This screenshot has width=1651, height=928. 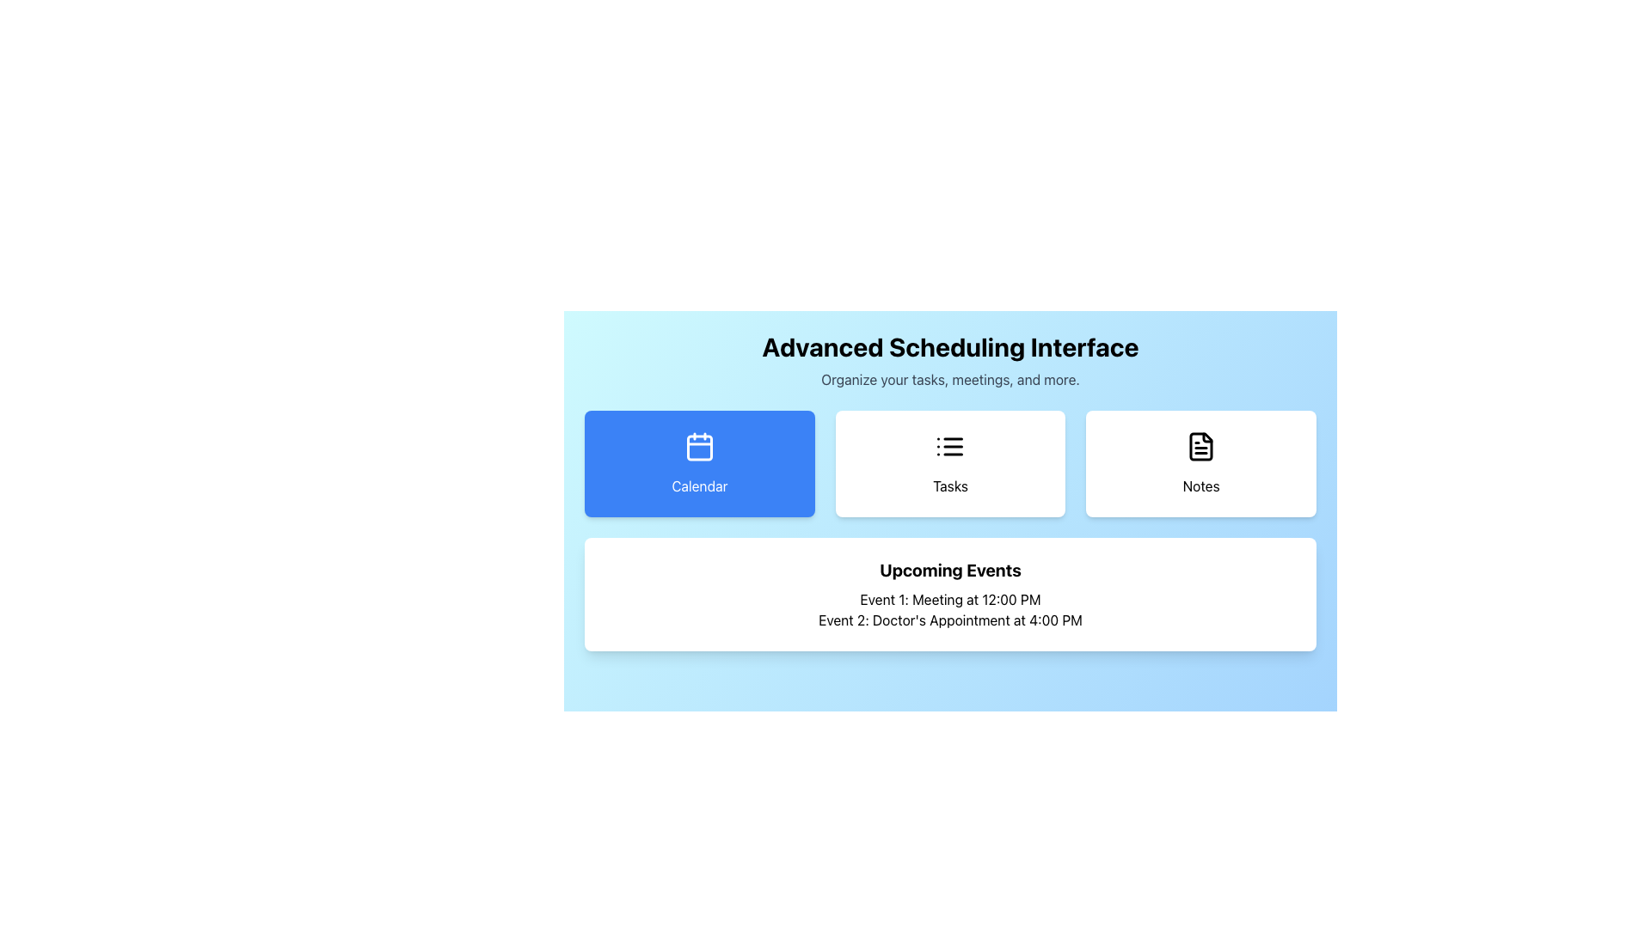 I want to click on the text label representing the upcoming event, which is centrally located above the text 'Event 2: Doctor's Appointment at 4:00 PM', so click(x=949, y=599).